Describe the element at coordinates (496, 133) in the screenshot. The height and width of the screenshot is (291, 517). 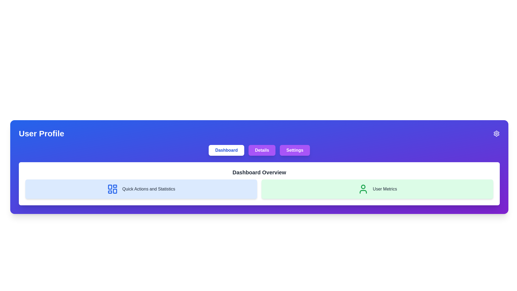
I see `the Settings button located in the top-right corner of the 'User Profile' section` at that location.